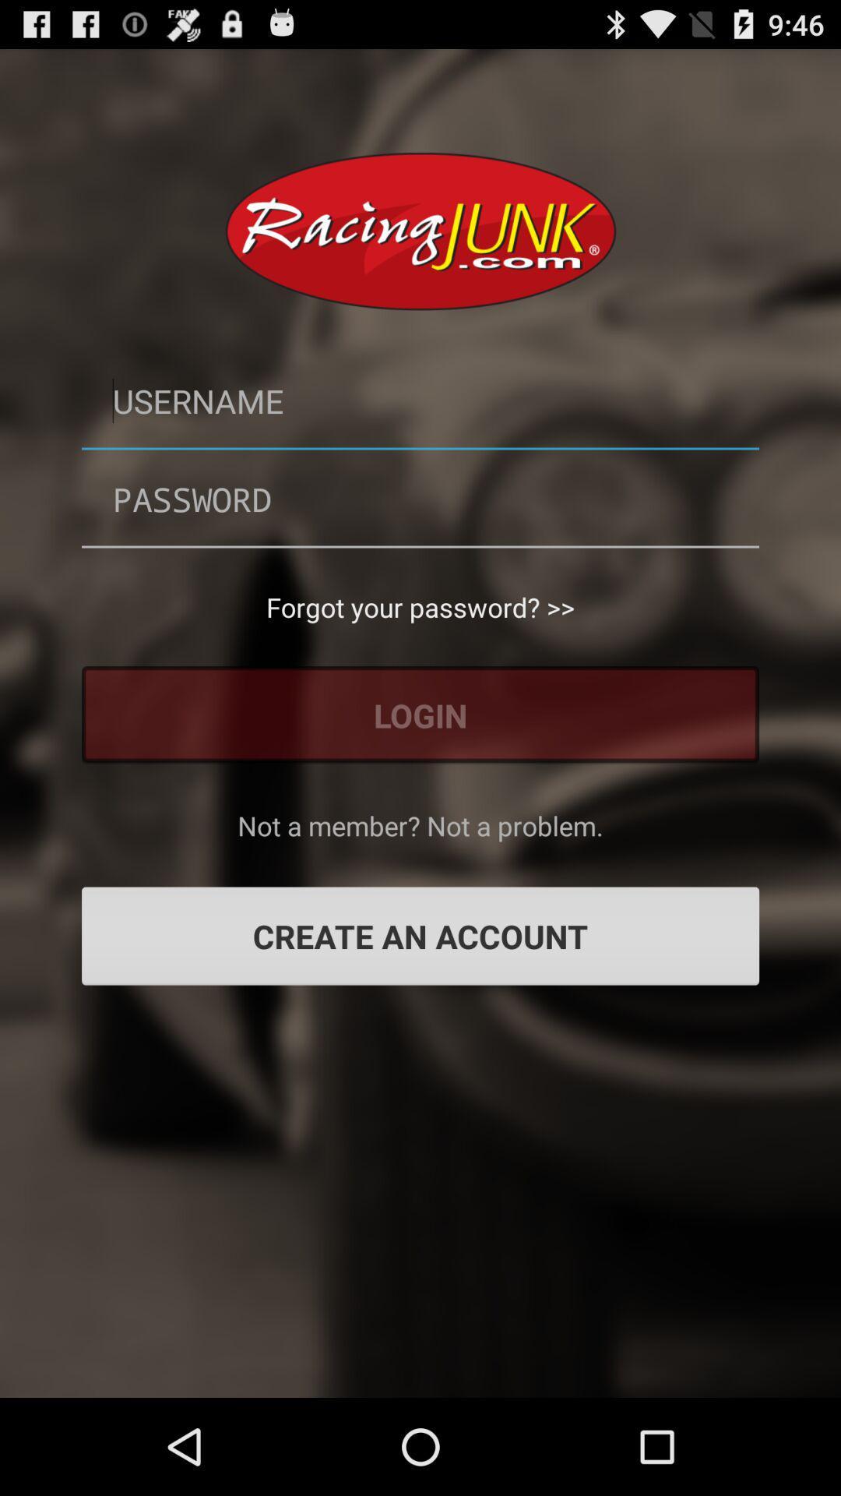 This screenshot has width=841, height=1496. Describe the element at coordinates (420, 400) in the screenshot. I see `user enter name option` at that location.